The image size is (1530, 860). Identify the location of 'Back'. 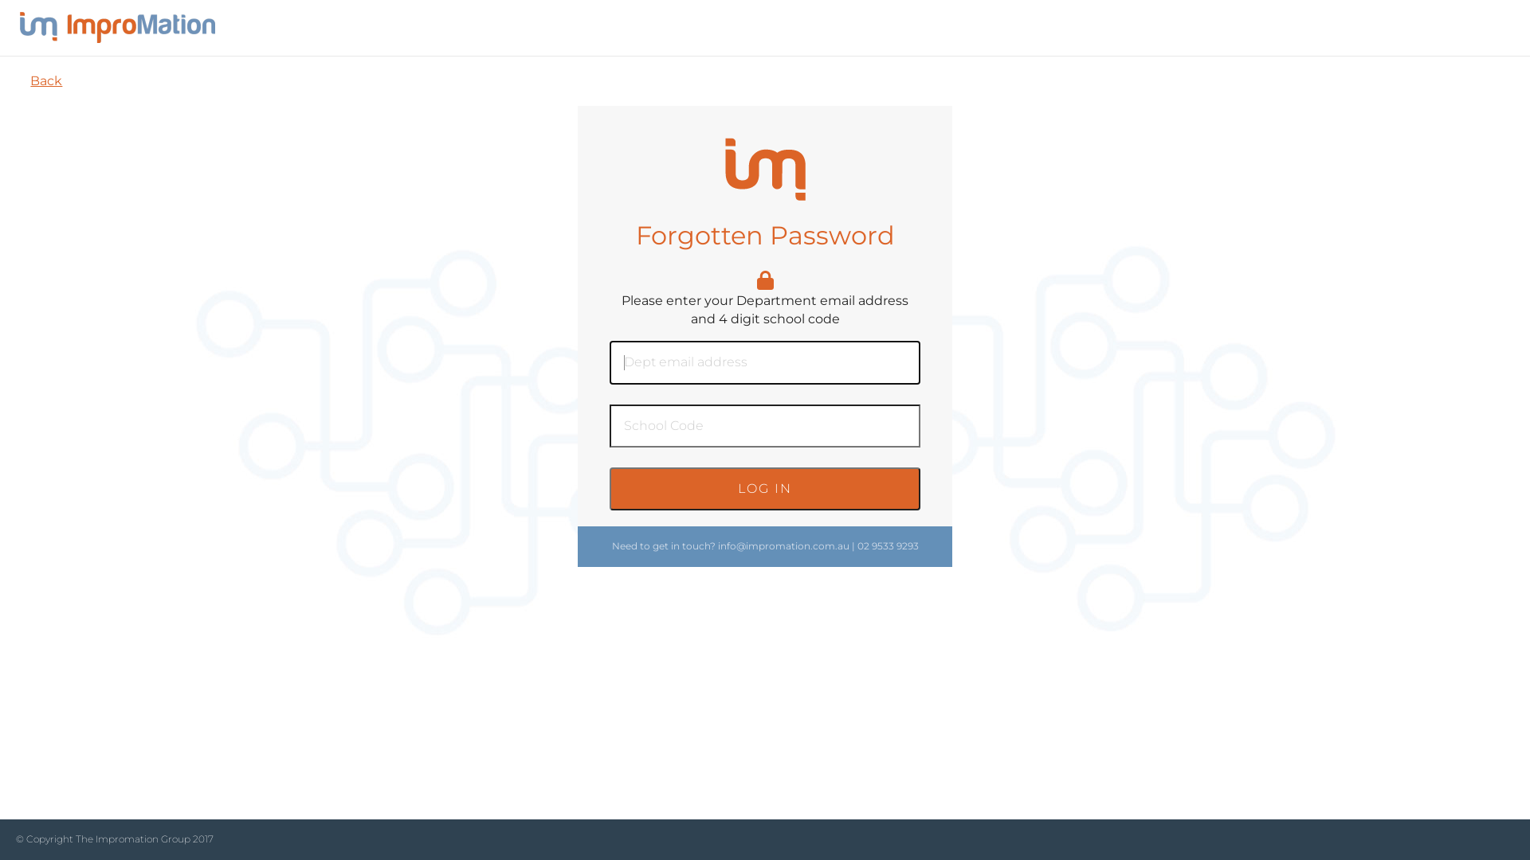
(45, 80).